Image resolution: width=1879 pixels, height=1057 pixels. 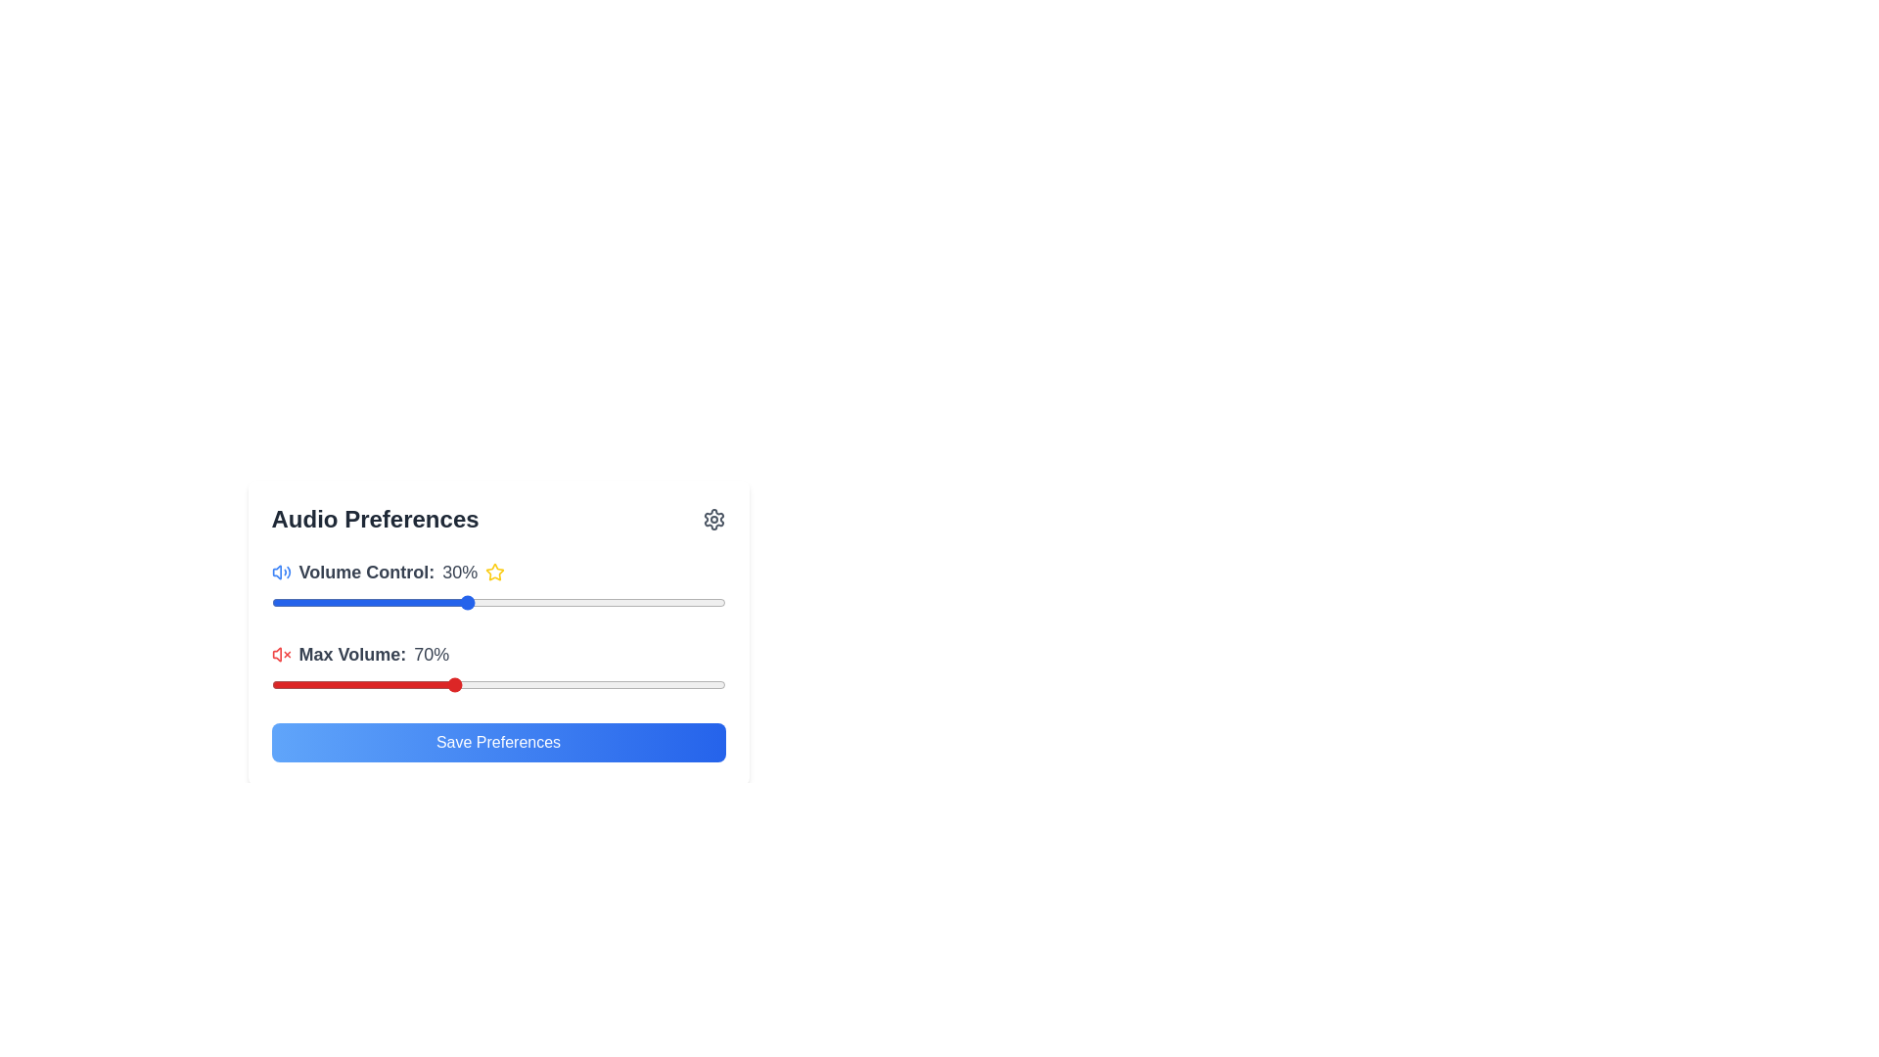 What do you see at coordinates (498, 743) in the screenshot?
I see `the 'Submit' button located at the bottom of the 'Audio Preferences' section` at bounding box center [498, 743].